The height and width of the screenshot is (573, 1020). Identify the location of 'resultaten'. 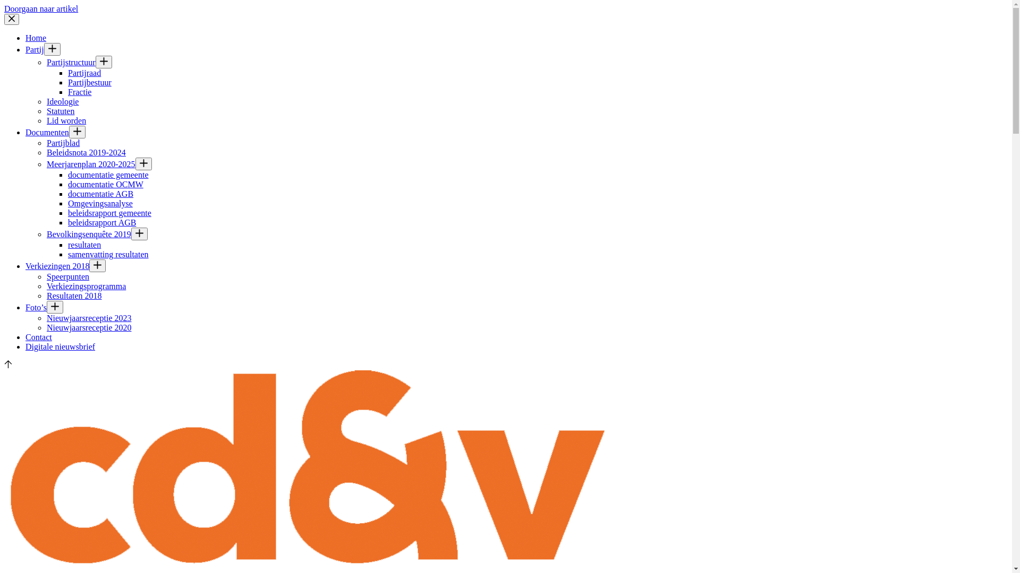
(83, 245).